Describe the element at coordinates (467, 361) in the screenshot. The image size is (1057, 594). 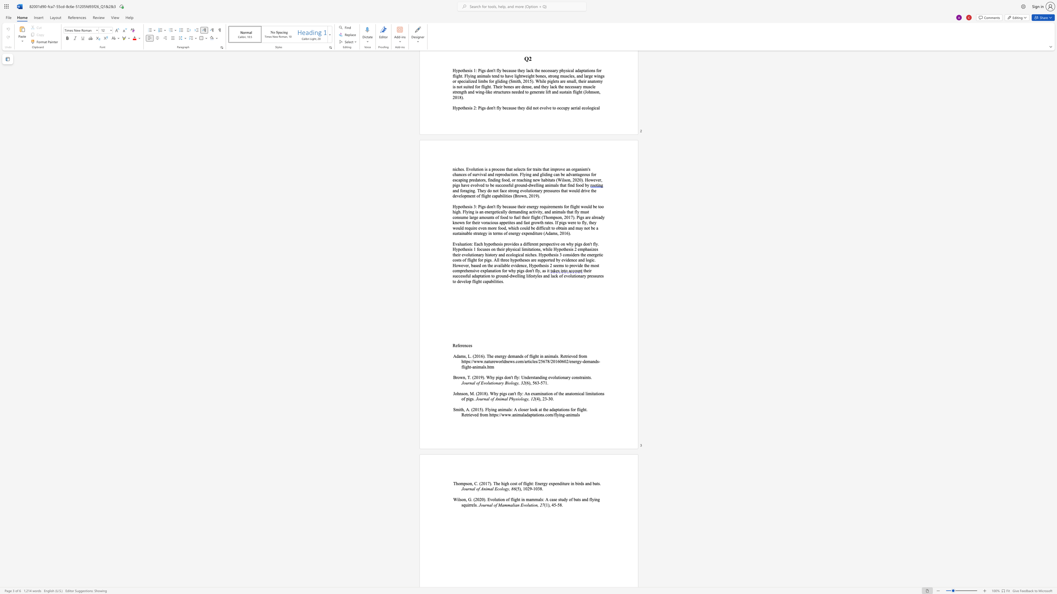
I see `the 1th character "p" in the text` at that location.